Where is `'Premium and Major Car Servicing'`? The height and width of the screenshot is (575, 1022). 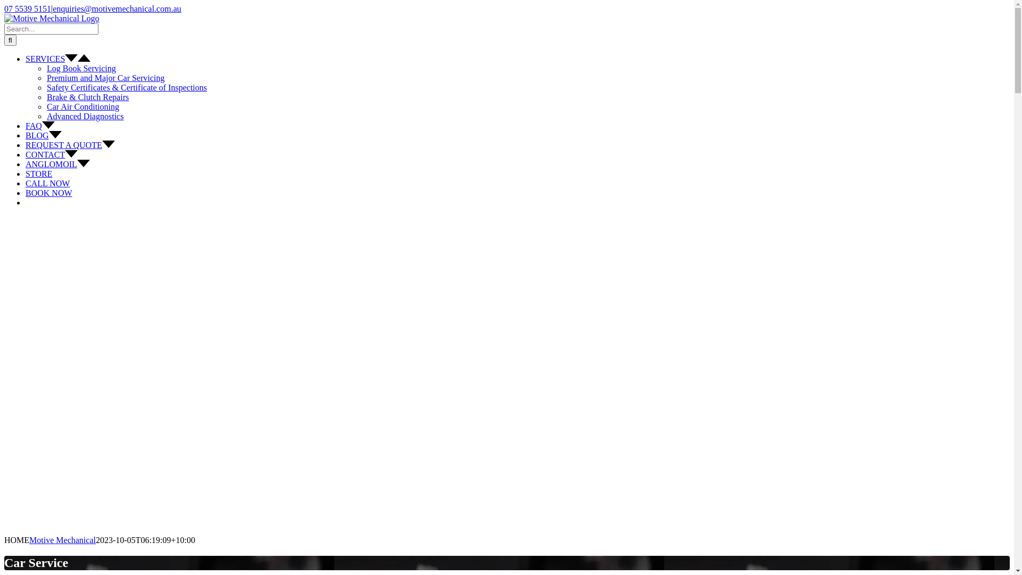 'Premium and Major Car Servicing' is located at coordinates (105, 77).